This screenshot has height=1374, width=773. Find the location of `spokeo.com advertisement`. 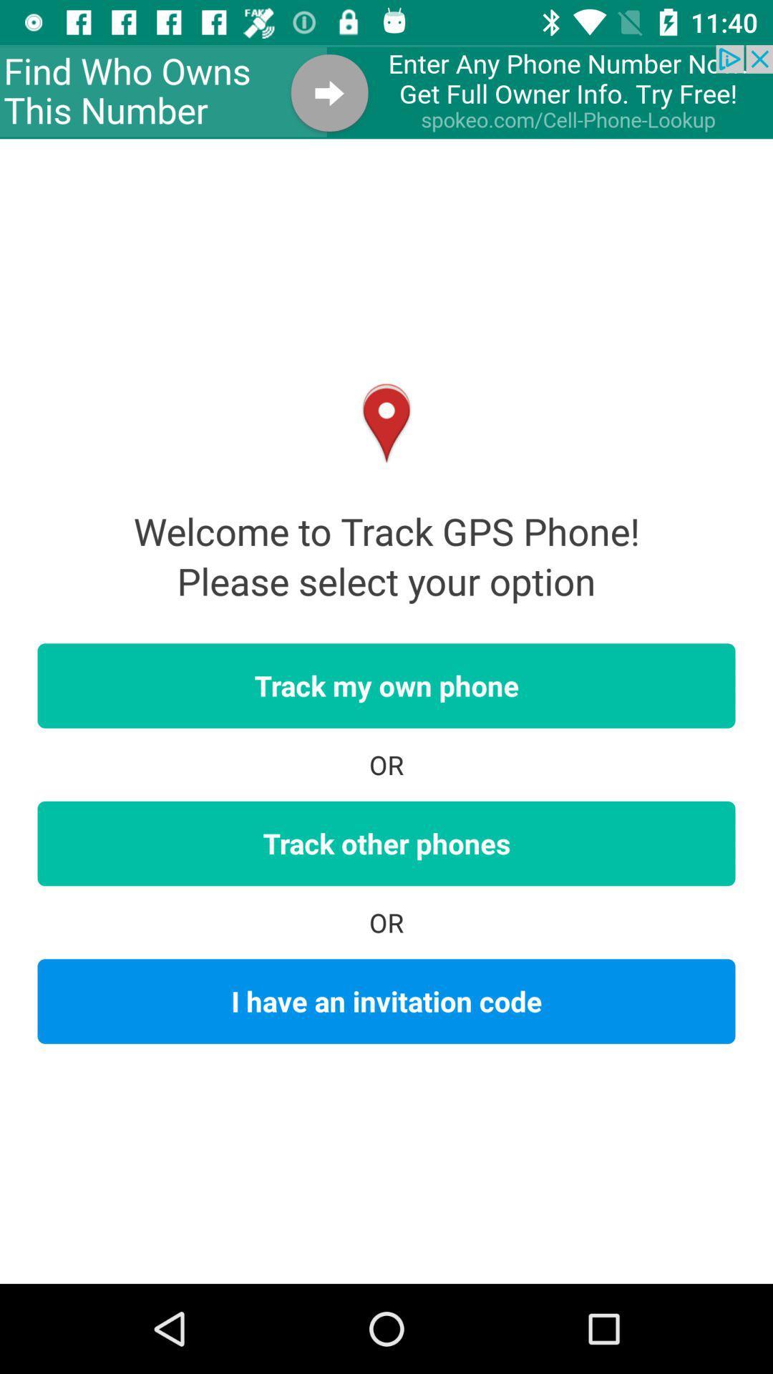

spokeo.com advertisement is located at coordinates (386, 91).